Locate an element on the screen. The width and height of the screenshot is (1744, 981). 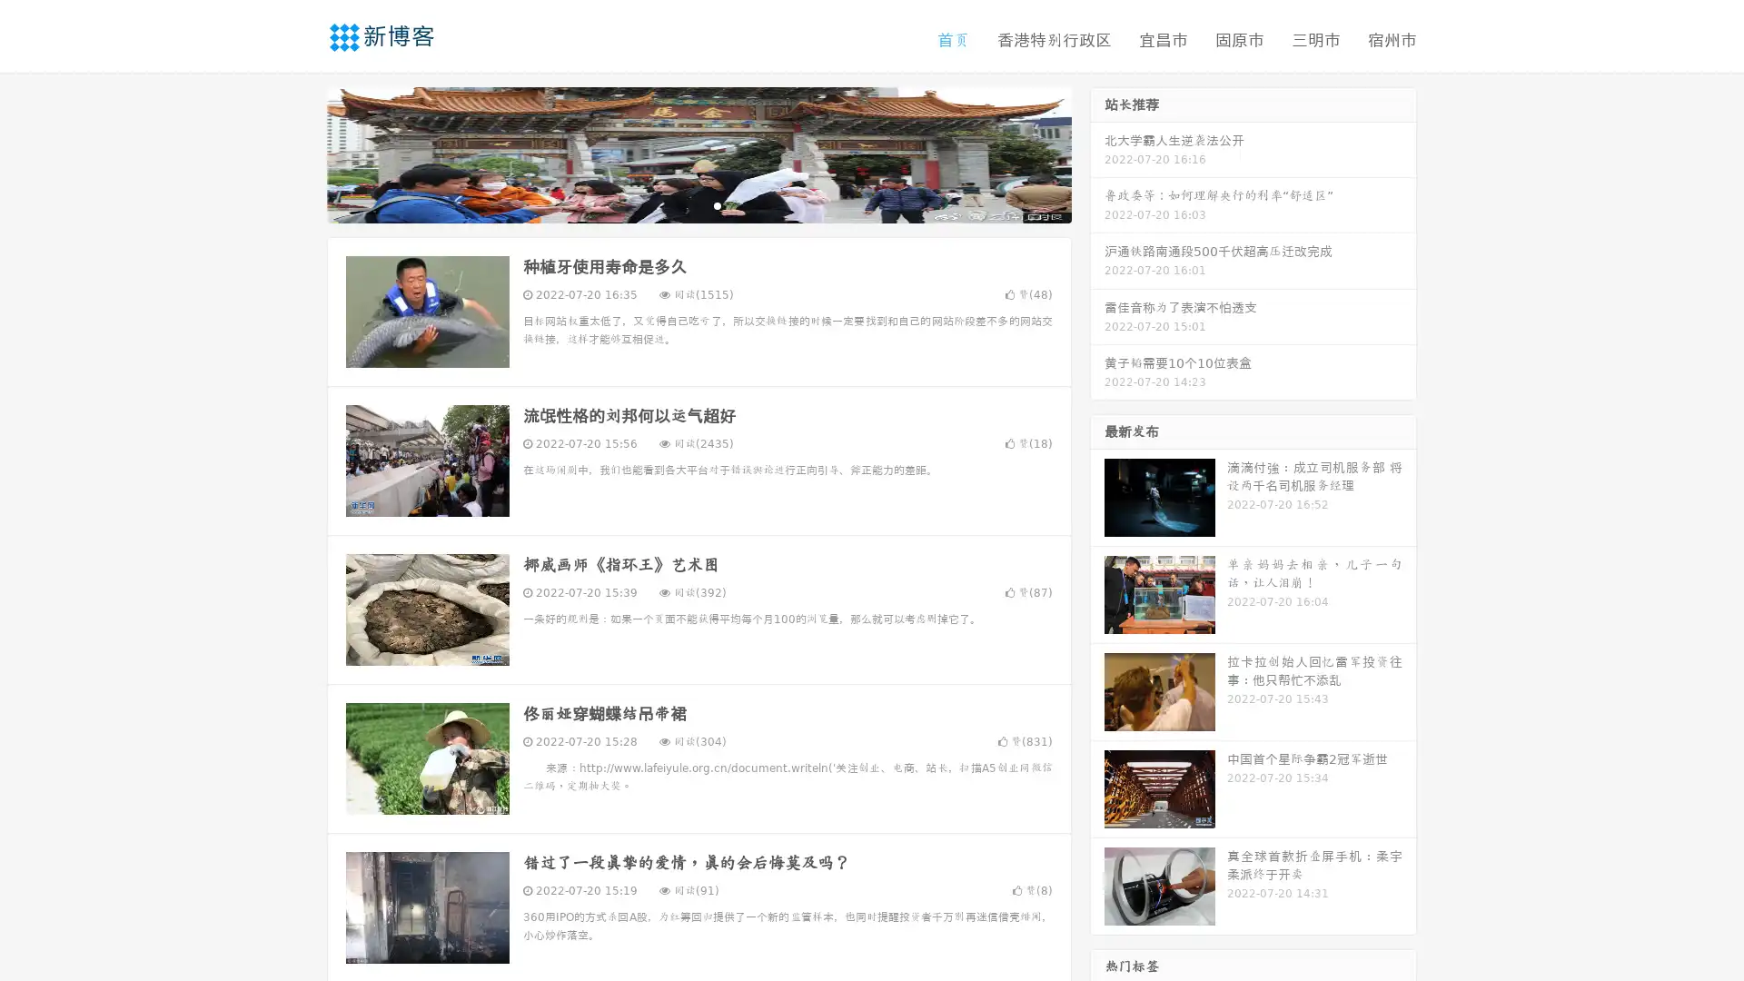
Go to slide 3 is located at coordinates (717, 204).